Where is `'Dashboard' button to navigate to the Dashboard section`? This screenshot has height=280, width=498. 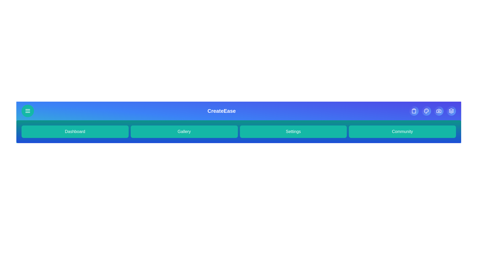
'Dashboard' button to navigate to the Dashboard section is located at coordinates (74, 131).